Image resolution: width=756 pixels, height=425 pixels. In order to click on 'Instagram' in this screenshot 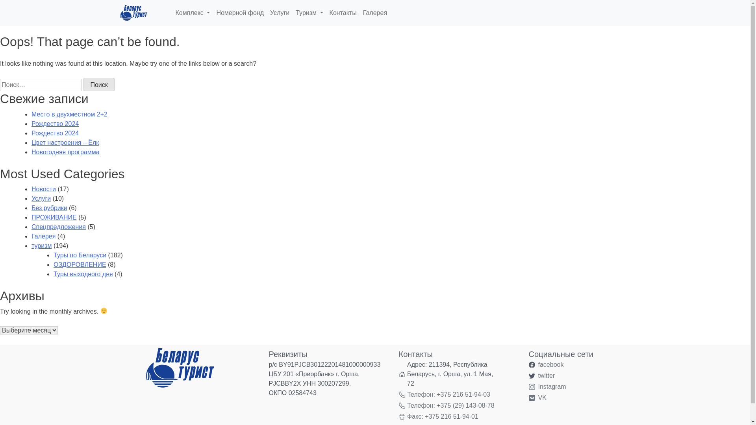, I will do `click(551, 386)`.